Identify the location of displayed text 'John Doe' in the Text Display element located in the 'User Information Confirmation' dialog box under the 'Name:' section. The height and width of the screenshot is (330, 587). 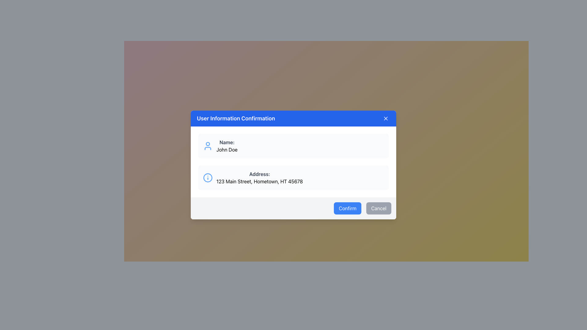
(227, 149).